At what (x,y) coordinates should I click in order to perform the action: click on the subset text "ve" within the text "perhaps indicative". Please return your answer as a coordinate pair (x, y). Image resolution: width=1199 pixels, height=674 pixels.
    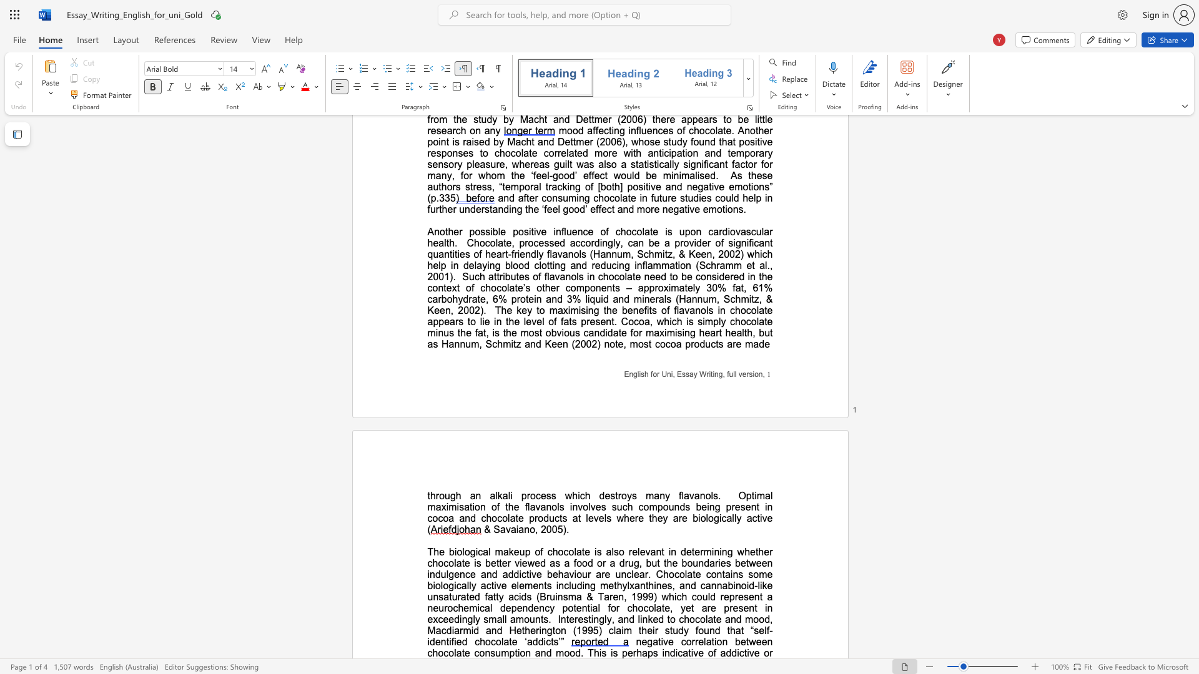
    Looking at the image, I should click on (693, 652).